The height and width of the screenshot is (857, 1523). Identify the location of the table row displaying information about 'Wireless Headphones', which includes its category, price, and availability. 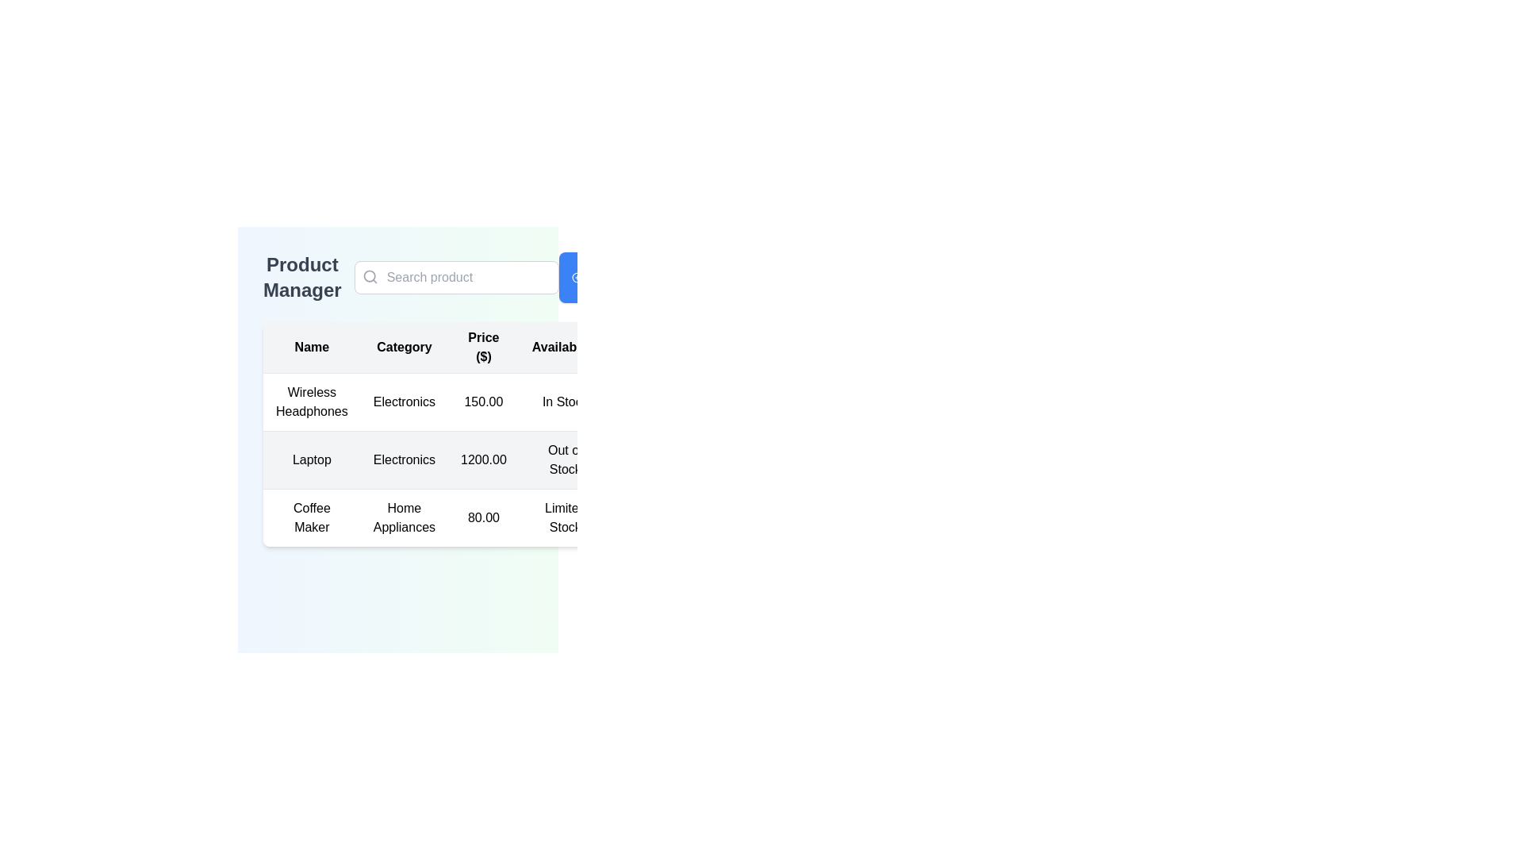
(481, 401).